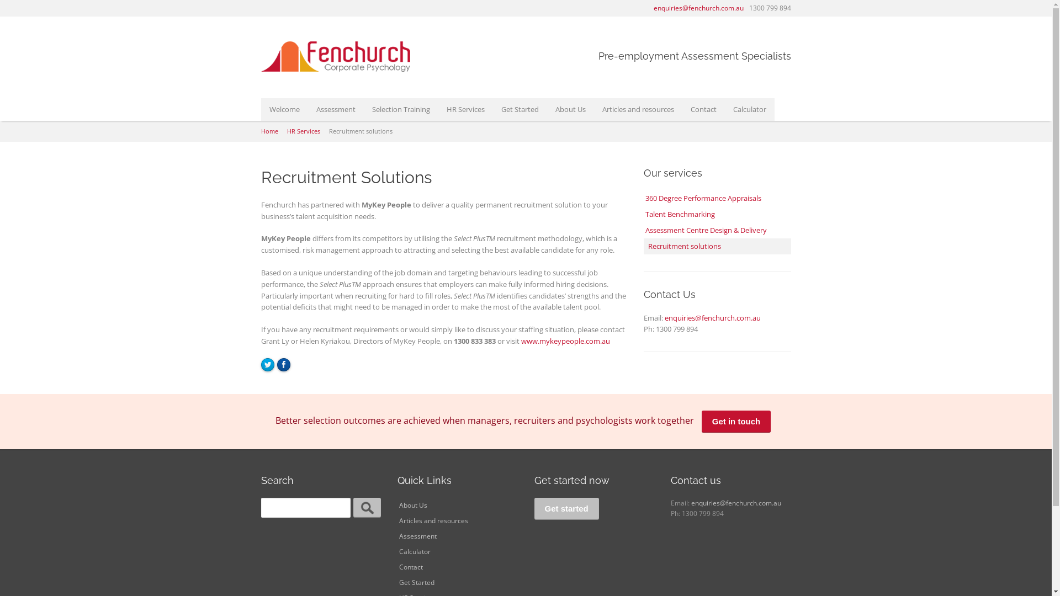 Image resolution: width=1060 pixels, height=596 pixels. Describe the element at coordinates (269, 130) in the screenshot. I see `'Home'` at that location.